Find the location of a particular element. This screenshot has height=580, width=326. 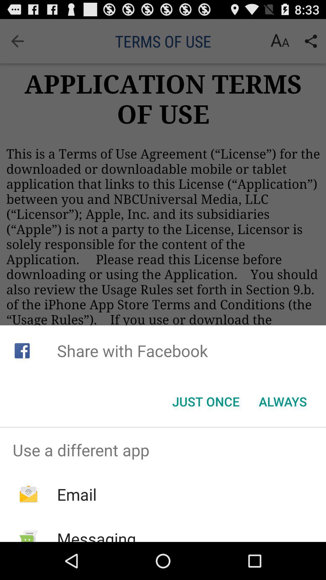

the icon below the use a different is located at coordinates (76, 494).